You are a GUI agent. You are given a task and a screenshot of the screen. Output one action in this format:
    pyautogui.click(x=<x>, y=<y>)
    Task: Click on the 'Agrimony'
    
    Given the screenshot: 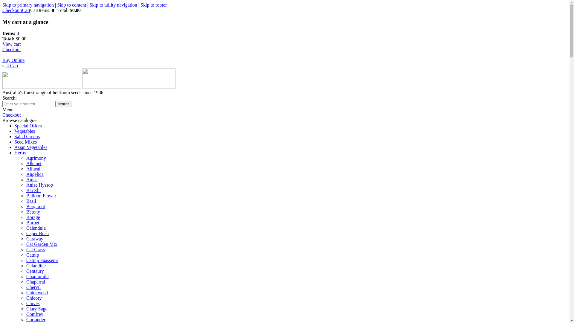 What is the action you would take?
    pyautogui.click(x=36, y=158)
    